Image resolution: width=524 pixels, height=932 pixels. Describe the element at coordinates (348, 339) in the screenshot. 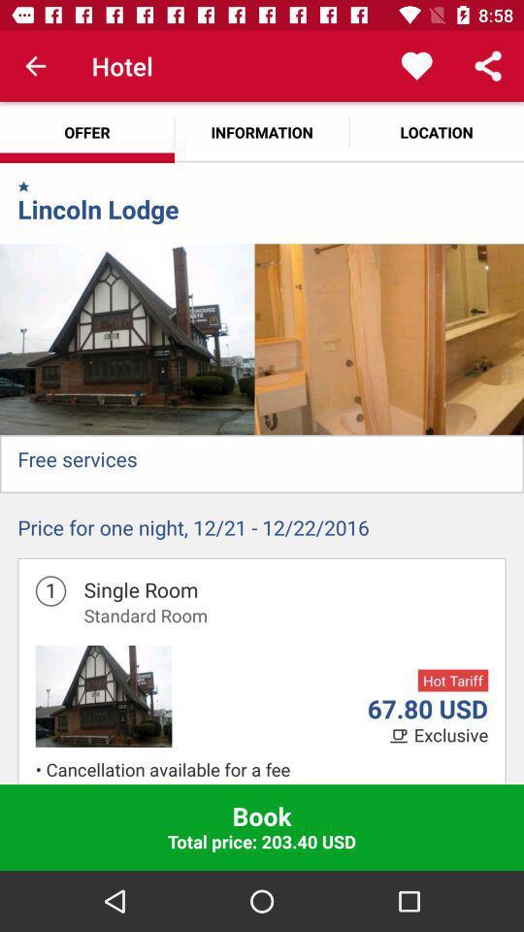

I see `second image below lincoln lodge` at that location.